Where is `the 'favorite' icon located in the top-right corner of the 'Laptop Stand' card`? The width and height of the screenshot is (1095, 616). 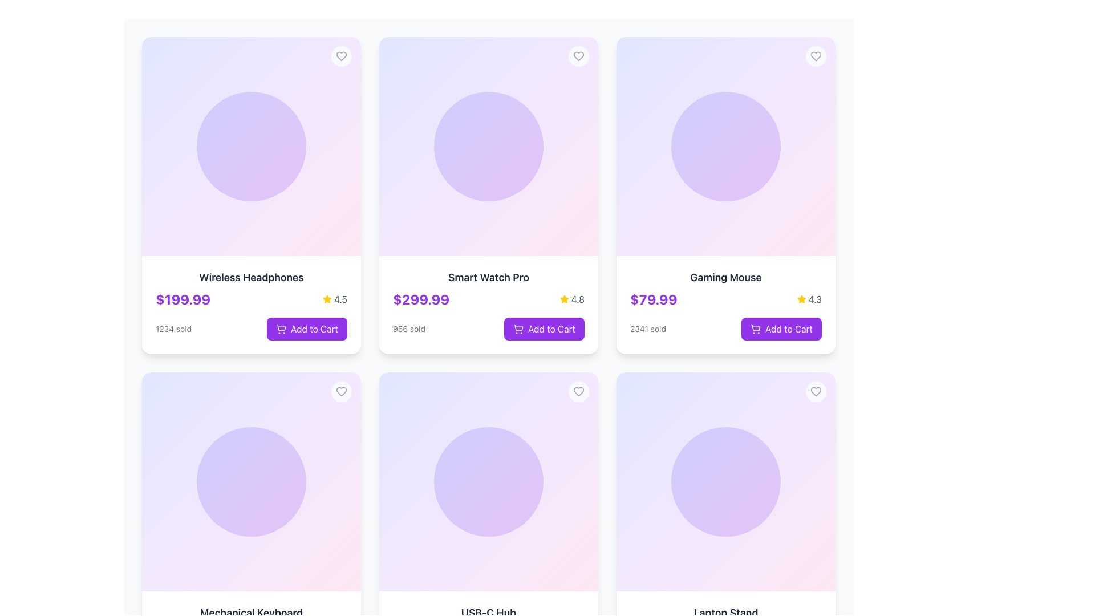 the 'favorite' icon located in the top-right corner of the 'Laptop Stand' card is located at coordinates (815, 391).